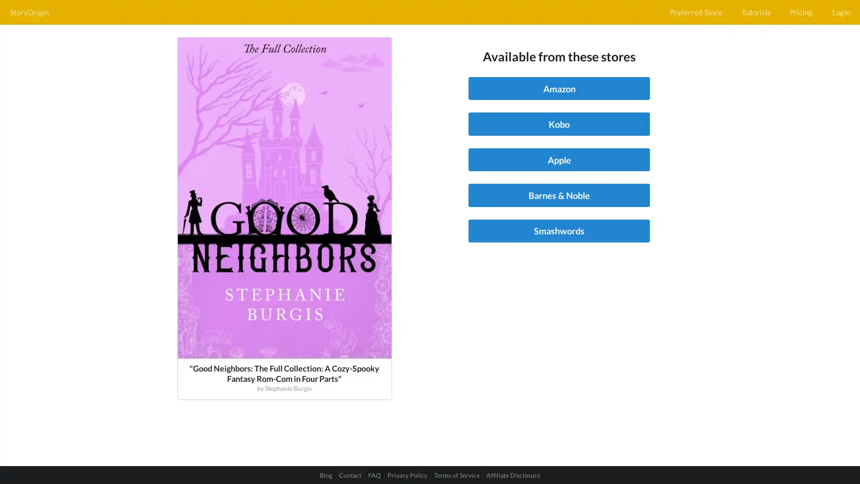 The image size is (860, 484). I want to click on Kobo, so click(559, 124).